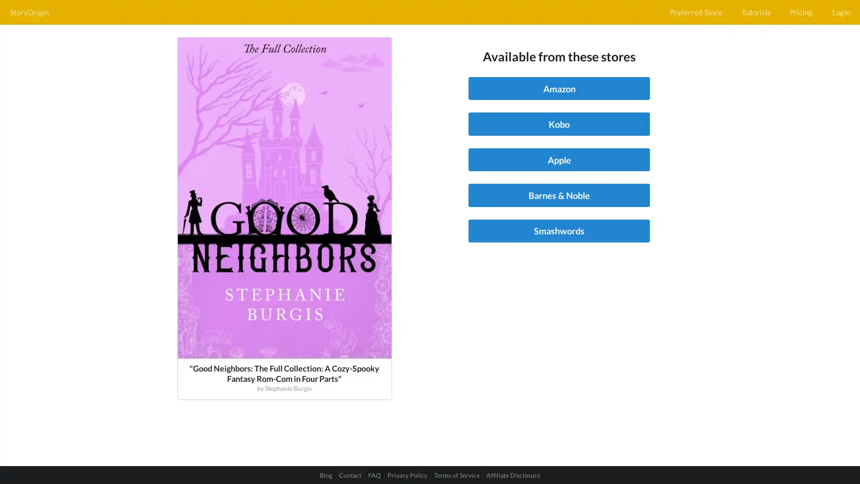 The image size is (860, 484). I want to click on Kobo, so click(559, 124).